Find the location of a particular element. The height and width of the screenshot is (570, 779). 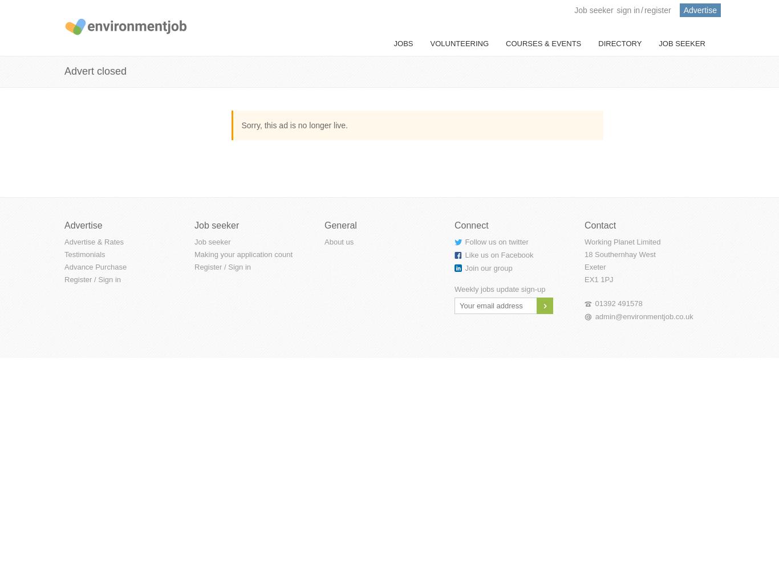

'Job seeker' is located at coordinates (594, 10).